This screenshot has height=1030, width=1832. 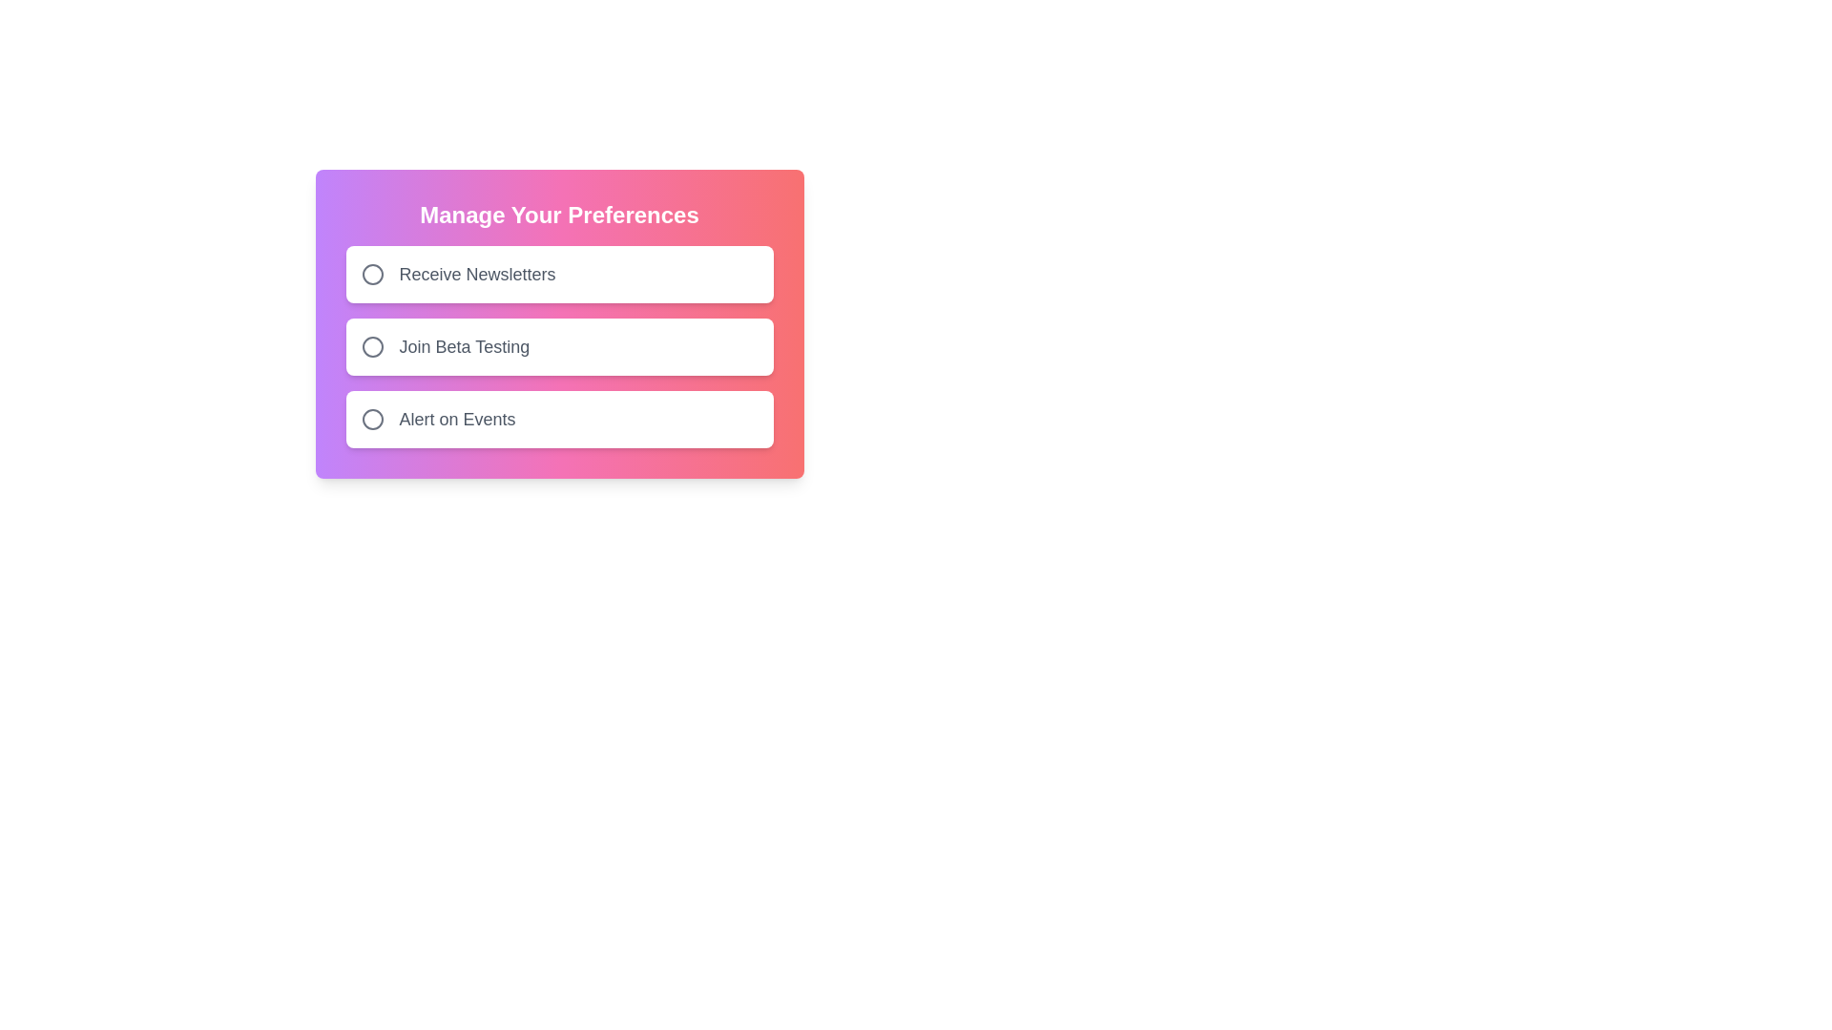 I want to click on the selectable option labeled 'Join Beta Testing' in the preferences menu, so click(x=558, y=322).